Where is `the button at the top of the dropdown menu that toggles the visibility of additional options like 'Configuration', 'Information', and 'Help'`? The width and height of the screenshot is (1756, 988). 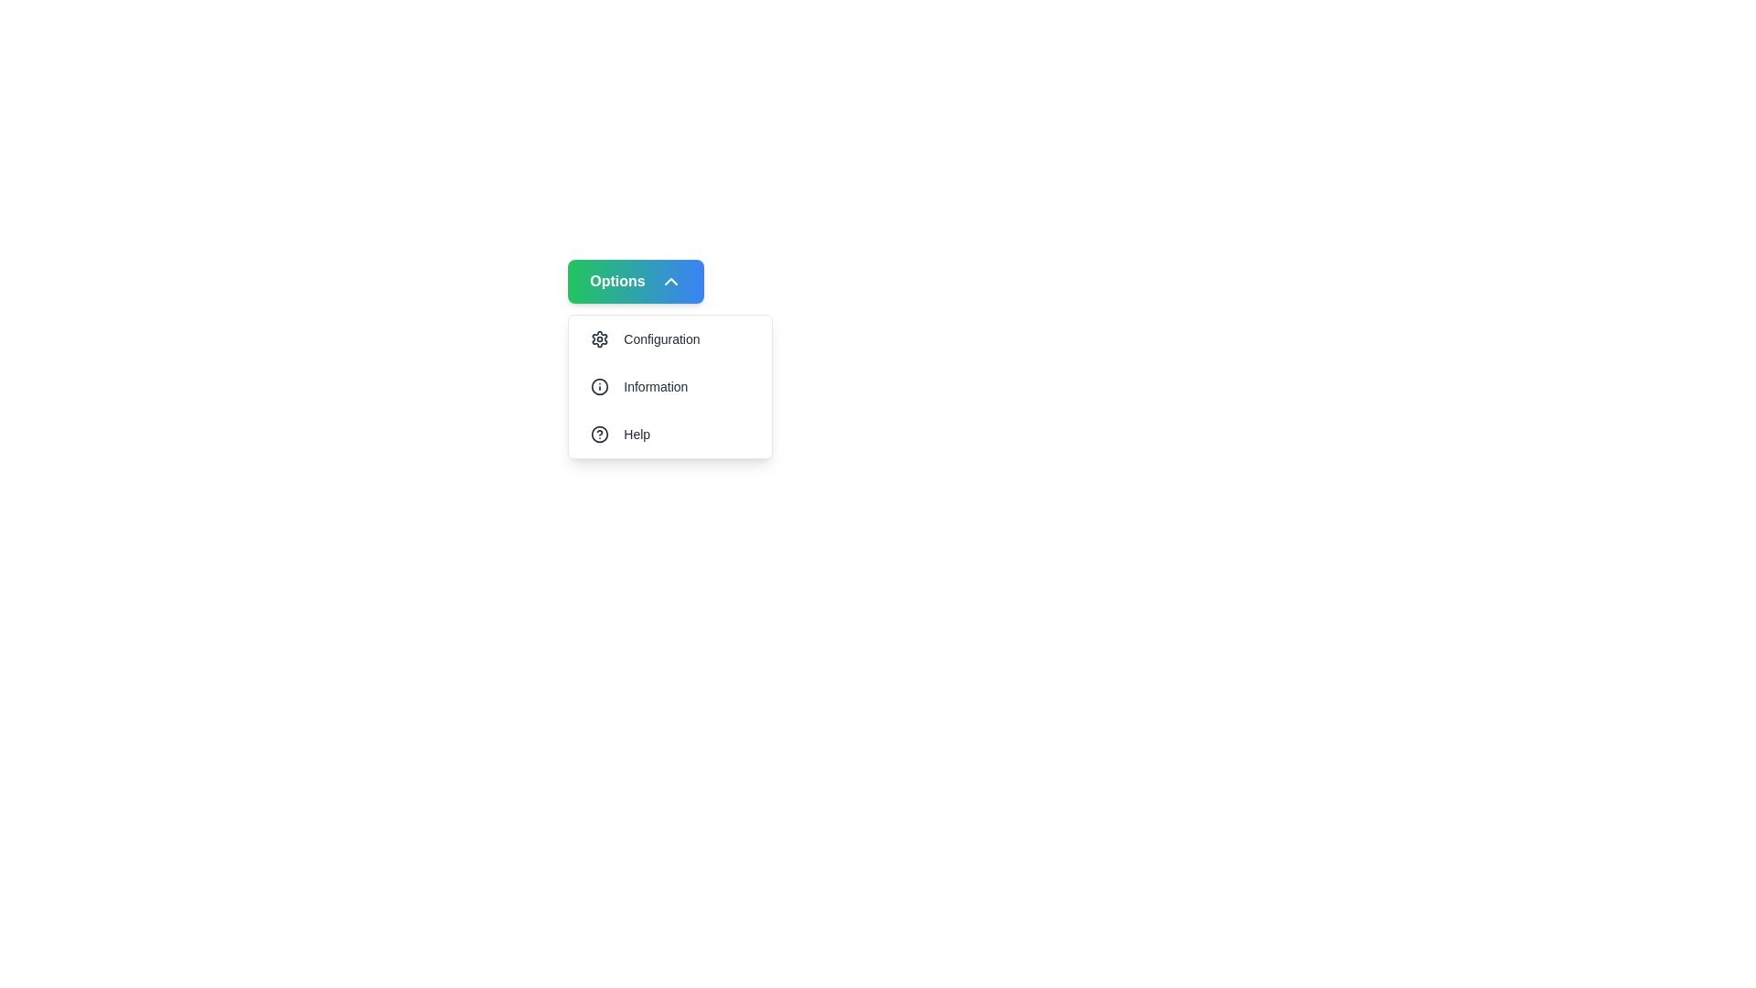
the button at the top of the dropdown menu that toggles the visibility of additional options like 'Configuration', 'Information', and 'Help' is located at coordinates (636, 282).